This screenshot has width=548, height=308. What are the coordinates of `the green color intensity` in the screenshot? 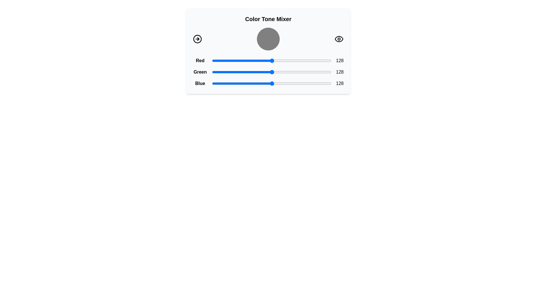 It's located at (263, 72).